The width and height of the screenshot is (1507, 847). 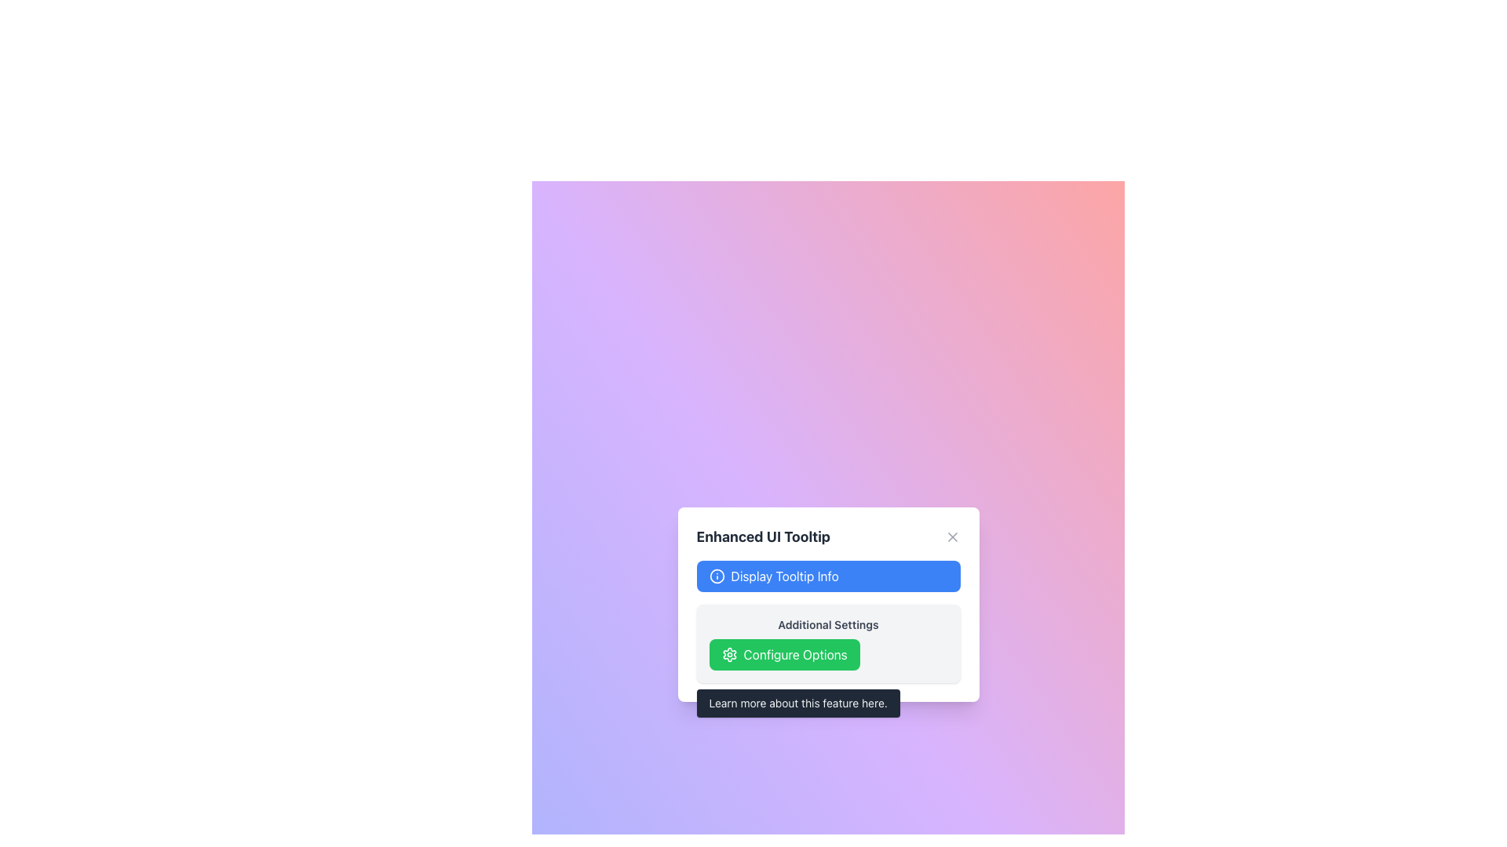 What do you see at coordinates (827, 644) in the screenshot?
I see `label for information on the settings option panel located below the 'Display Tooltip Info' label, which contains a green button for configuring options` at bounding box center [827, 644].